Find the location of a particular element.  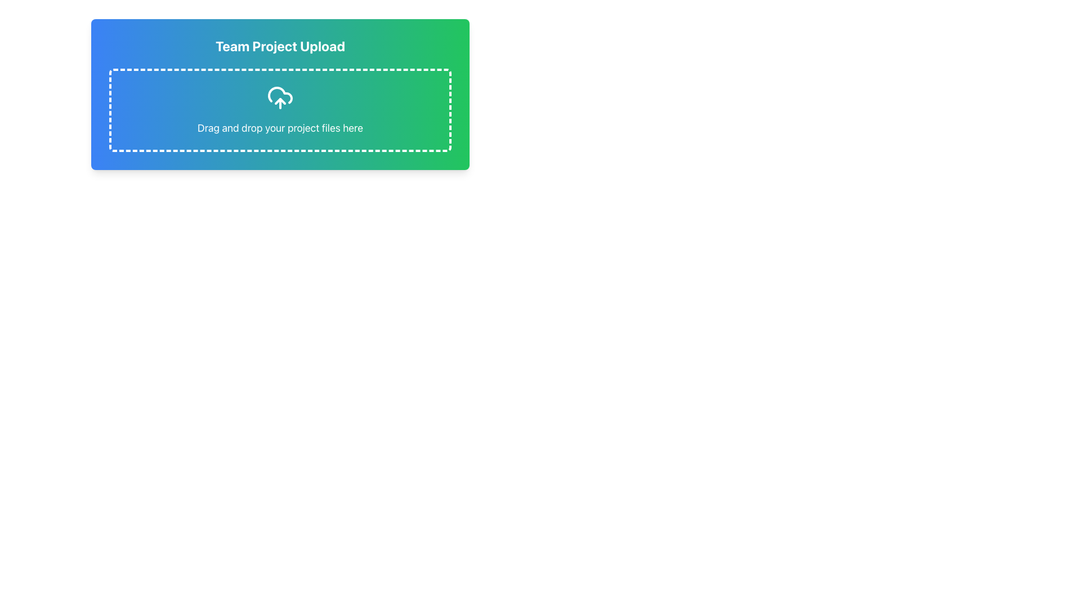

the Decorative Icon representing a cloud with an upward arrow, which is centrally placed within the drag-and-drop interface for uploading files is located at coordinates (280, 97).